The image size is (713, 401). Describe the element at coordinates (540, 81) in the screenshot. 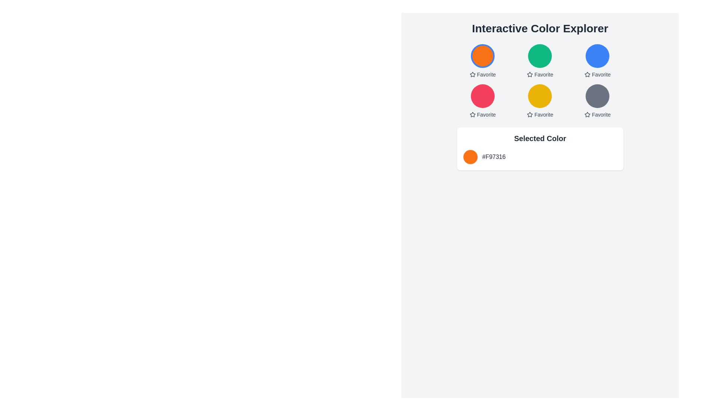

I see `the circular golden yellow 'Favorite' button in the 'Interactive Color Explorer' section` at that location.